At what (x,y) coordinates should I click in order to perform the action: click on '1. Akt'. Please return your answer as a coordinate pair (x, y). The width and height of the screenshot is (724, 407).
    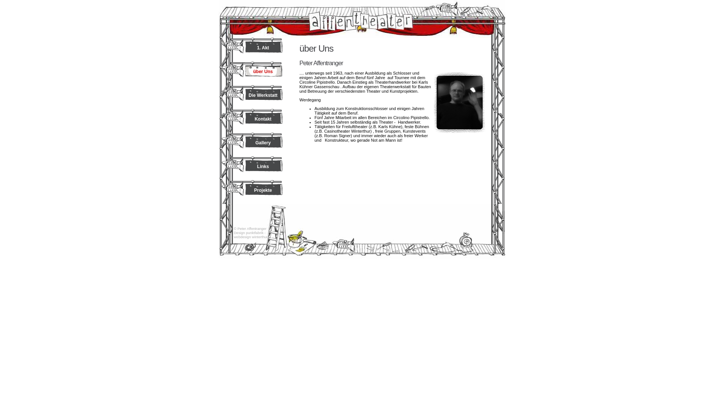
    Looking at the image, I should click on (252, 49).